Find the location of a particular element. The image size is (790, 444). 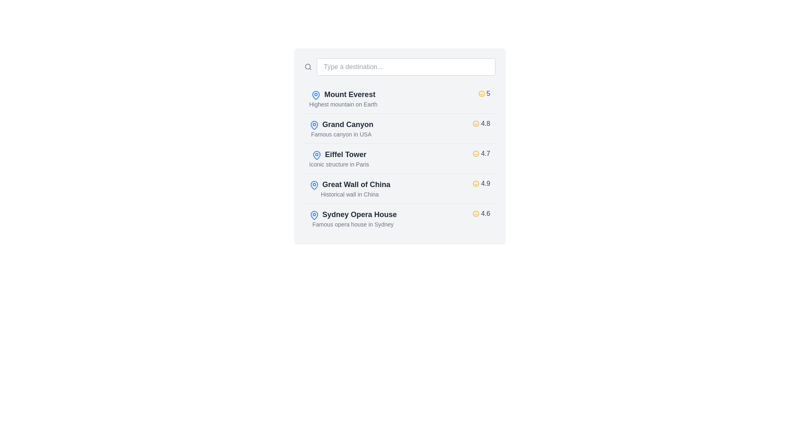

the descriptive text label that reads 'Iconic structure in Paris', which is positioned under the title 'Eiffel Tower' in a vertical list of destinations is located at coordinates (339, 164).